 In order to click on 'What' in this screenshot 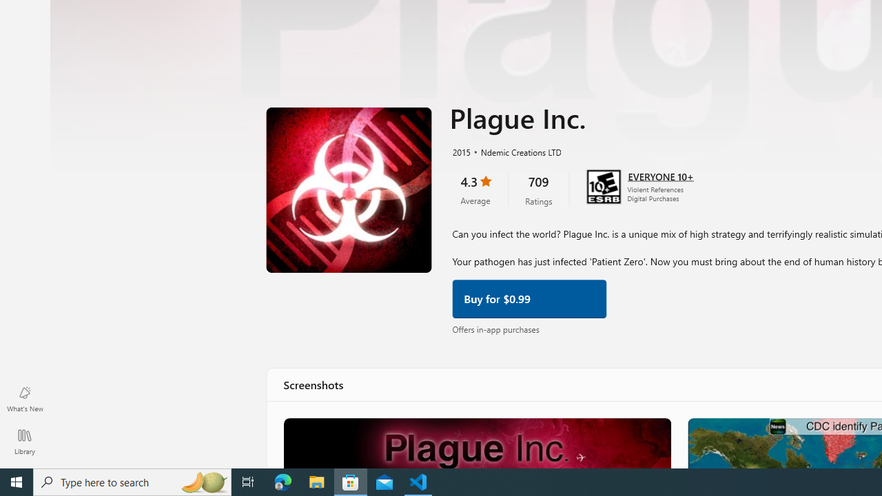, I will do `click(24, 398)`.